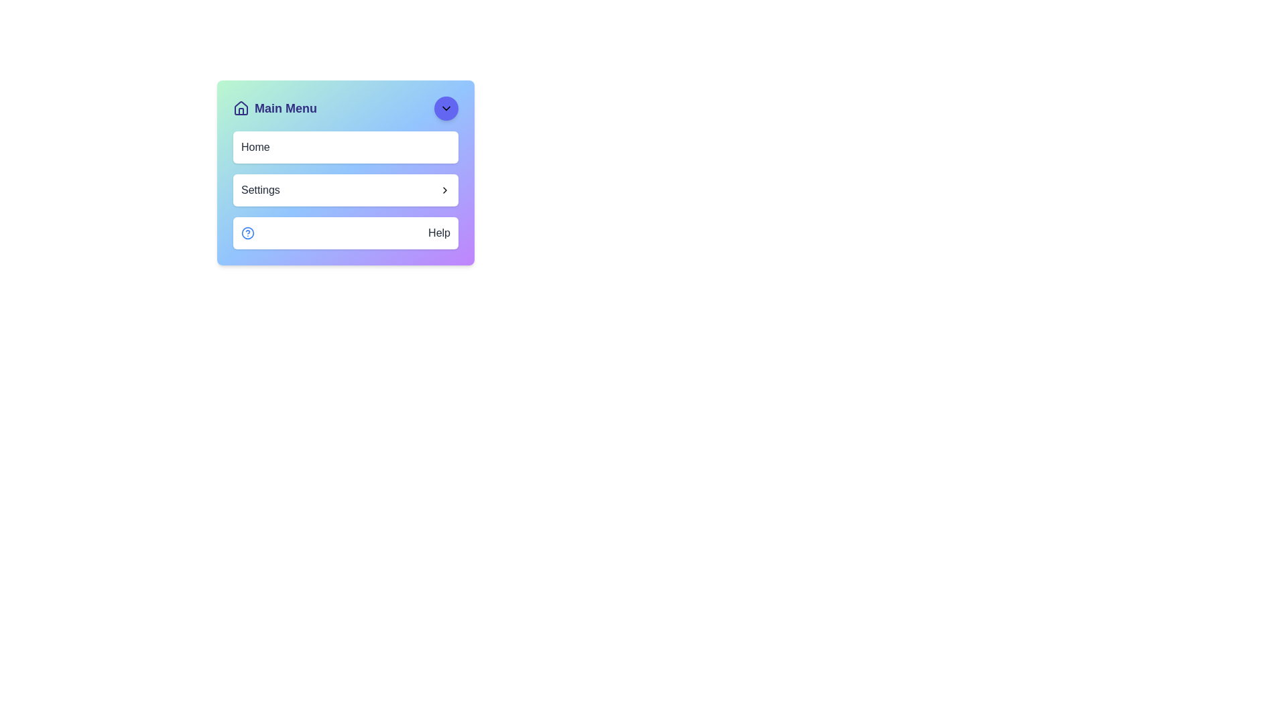 The image size is (1287, 724). I want to click on the circular button with a downward chevron icon located at the top right corner of the 'Main Menu' panel, so click(446, 108).